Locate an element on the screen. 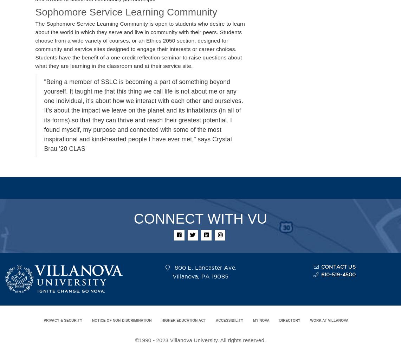 The height and width of the screenshot is (359, 401). 'CONTACT US' is located at coordinates (321, 267).